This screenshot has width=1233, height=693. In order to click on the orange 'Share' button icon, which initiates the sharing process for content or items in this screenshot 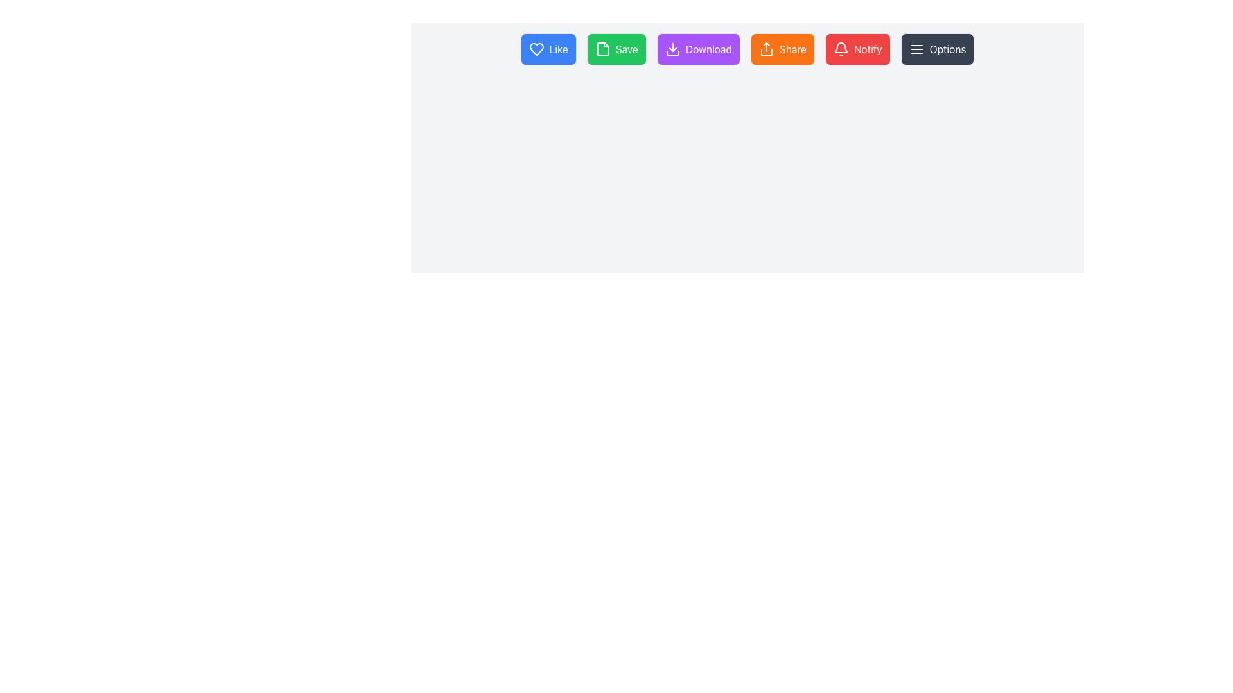, I will do `click(766, 49)`.